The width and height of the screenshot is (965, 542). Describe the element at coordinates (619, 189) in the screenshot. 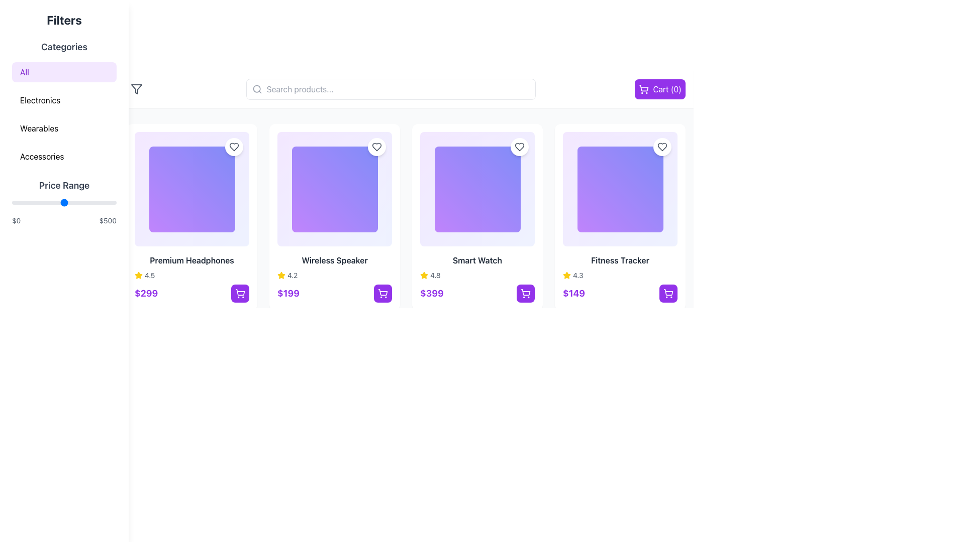

I see `the Decorative gradient square located at the upper region of the 'Fitness Tracker' product card, which features a light purple to indigo gradient and rounded corners` at that location.